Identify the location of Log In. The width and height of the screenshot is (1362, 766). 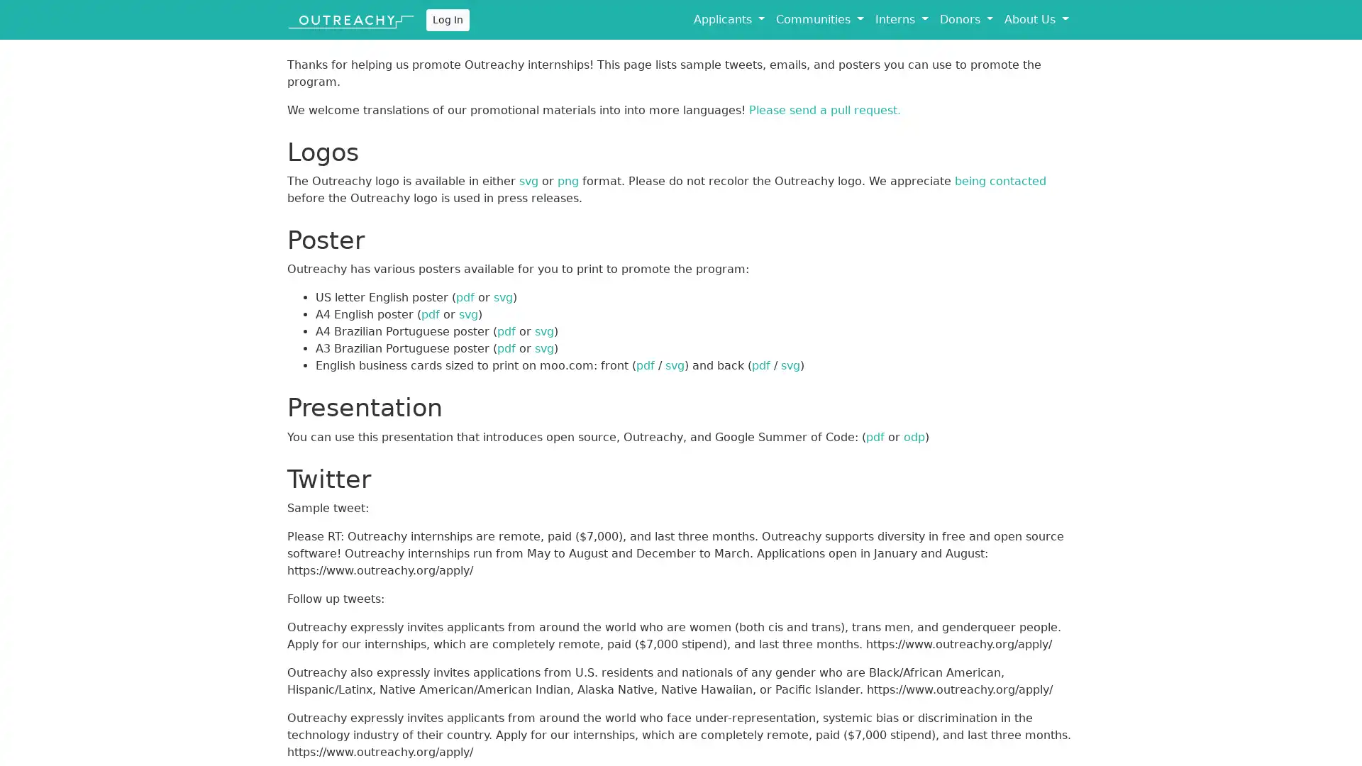
(447, 19).